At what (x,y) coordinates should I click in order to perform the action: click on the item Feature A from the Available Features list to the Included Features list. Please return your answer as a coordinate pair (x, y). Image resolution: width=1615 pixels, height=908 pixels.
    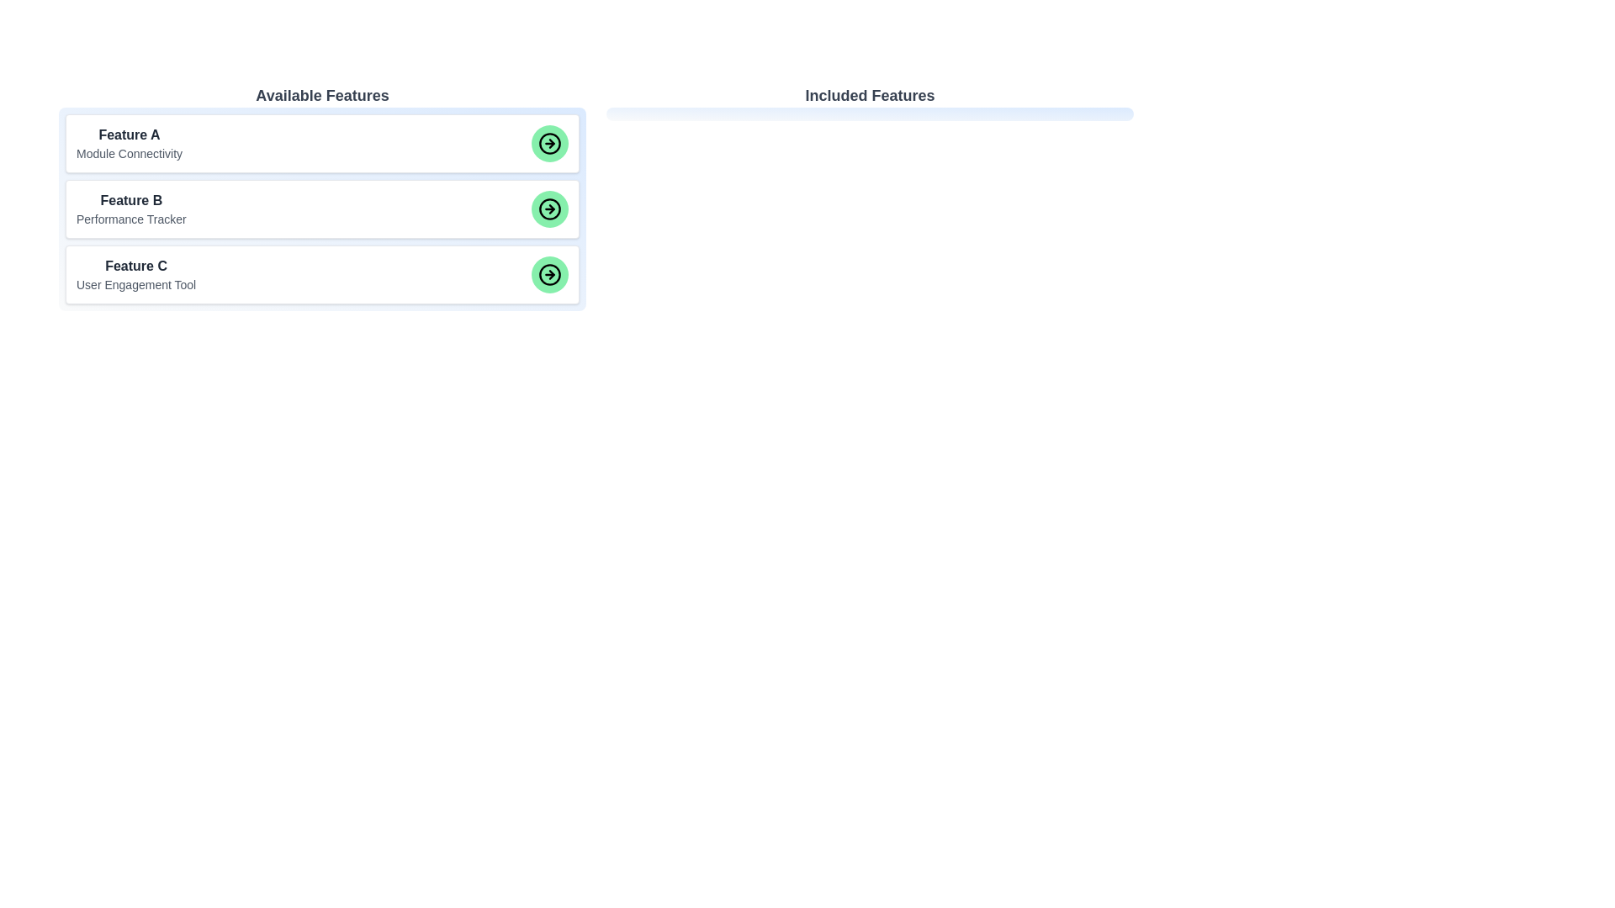
    Looking at the image, I should click on (322, 142).